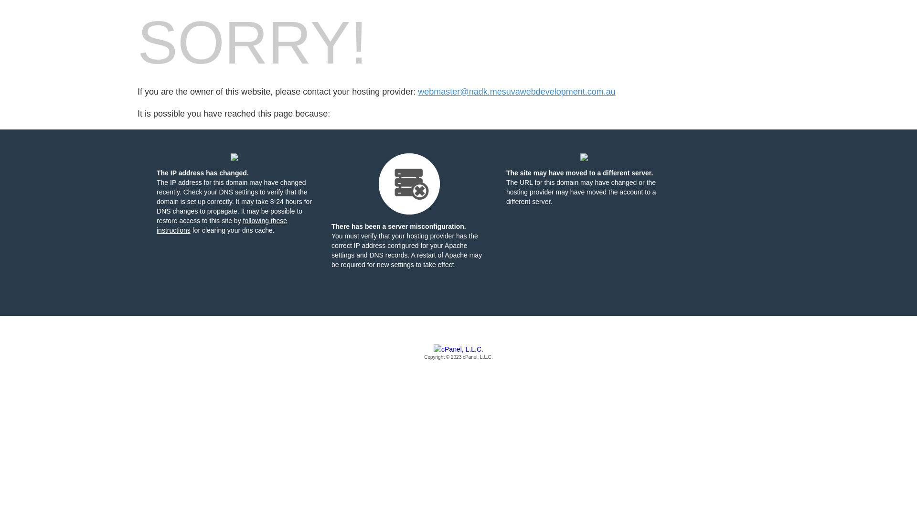  Describe the element at coordinates (516, 92) in the screenshot. I see `'webmaster@nadk.mesuvawebdevelopment.com.au'` at that location.